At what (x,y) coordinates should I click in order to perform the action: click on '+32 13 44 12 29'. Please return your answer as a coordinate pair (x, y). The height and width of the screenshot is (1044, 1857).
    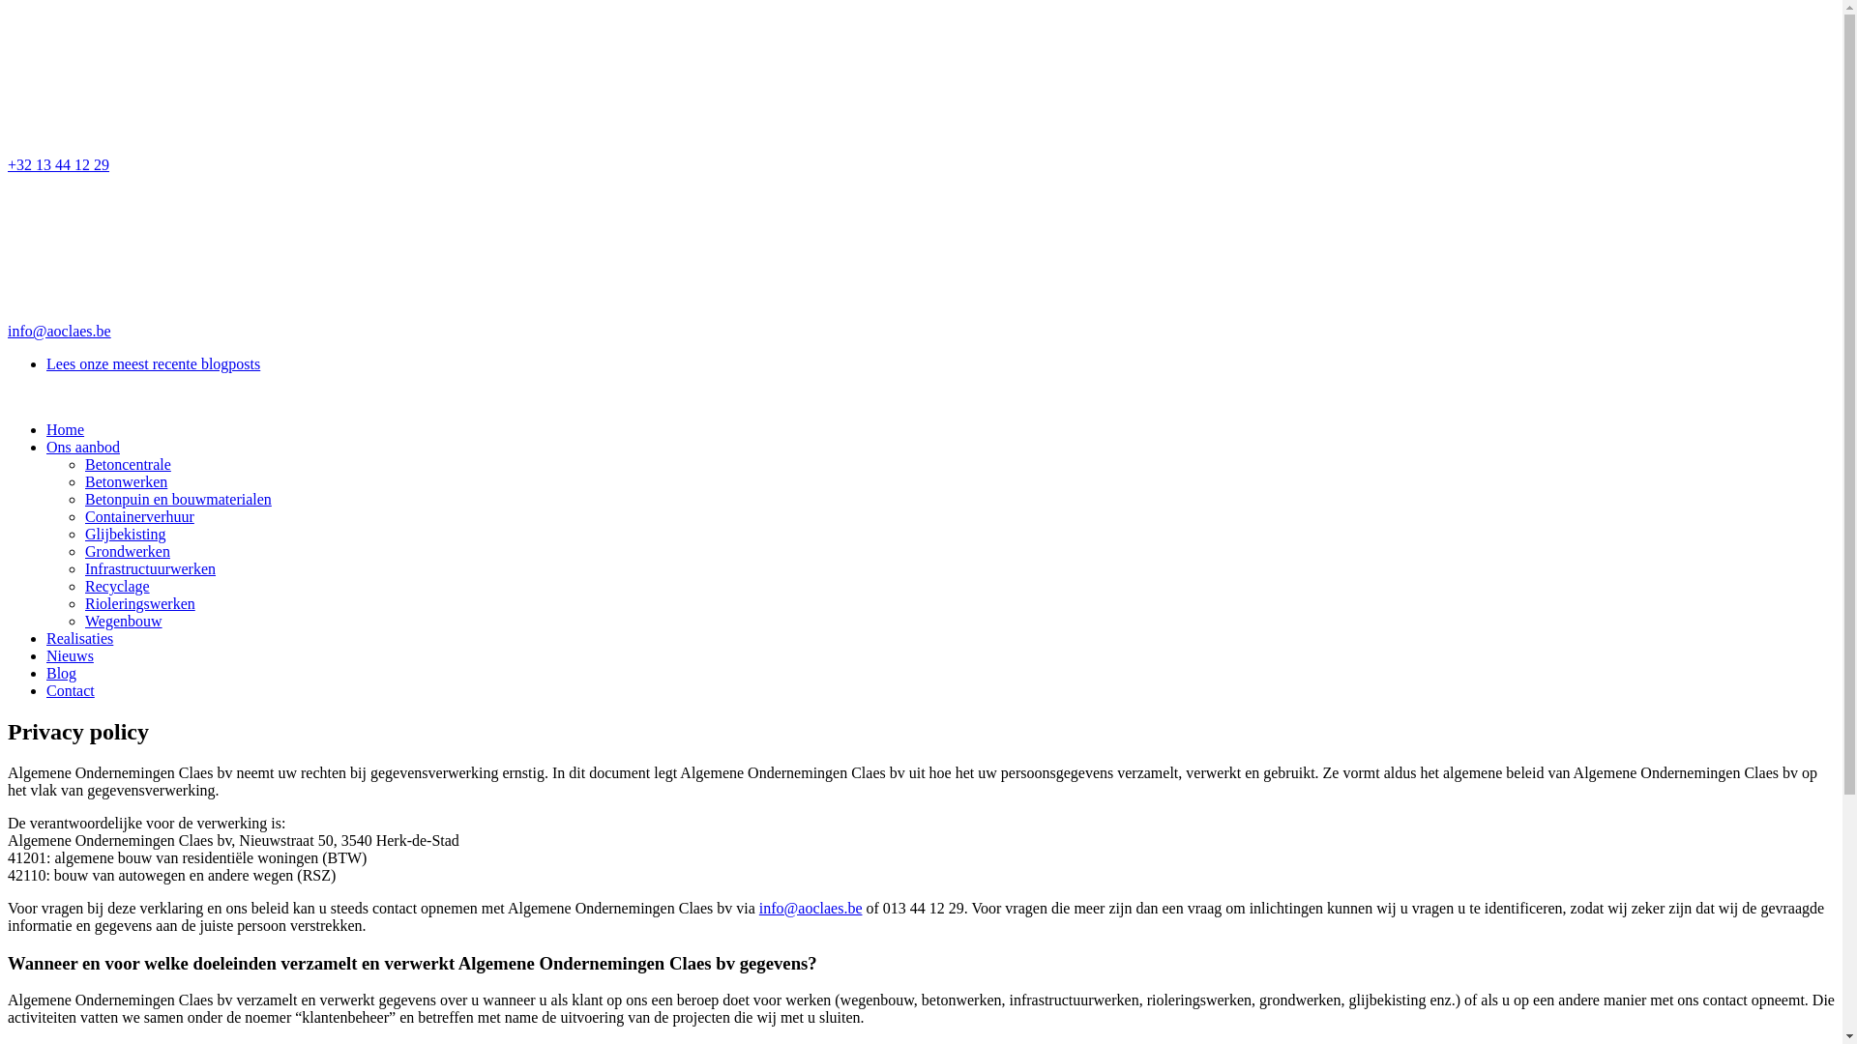
    Looking at the image, I should click on (920, 90).